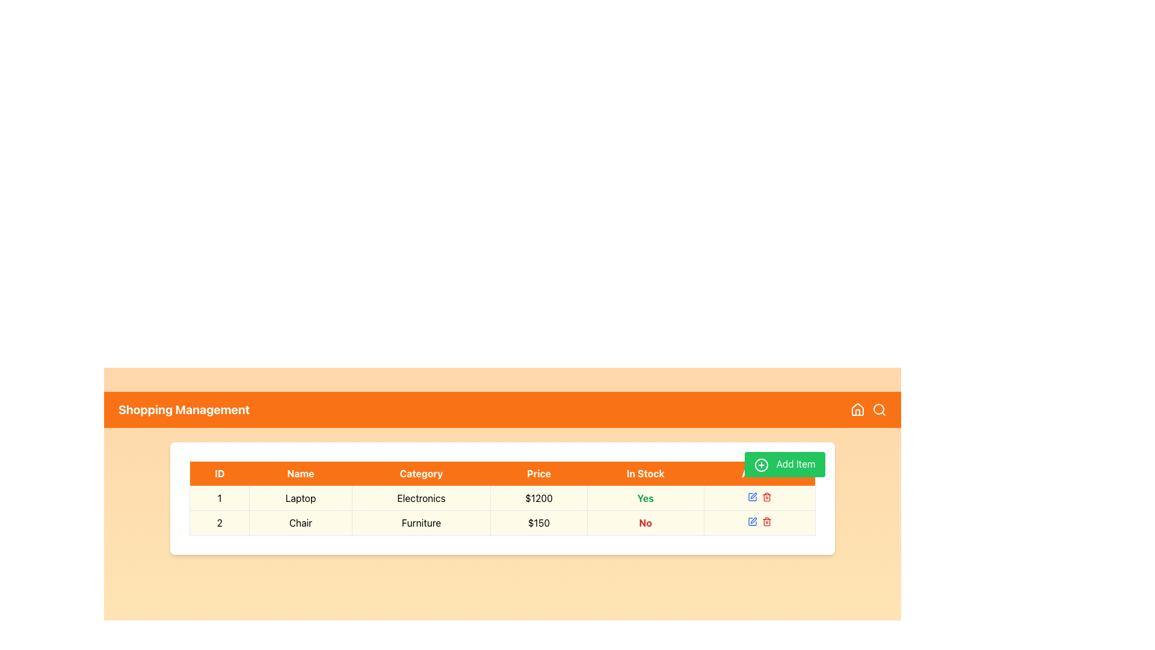 The width and height of the screenshot is (1155, 650). Describe the element at coordinates (421, 498) in the screenshot. I see `the static Text cell representing the category 'Electronics' in the data table, which is the third cell in the row, located under the 'Shopping Management' header` at that location.